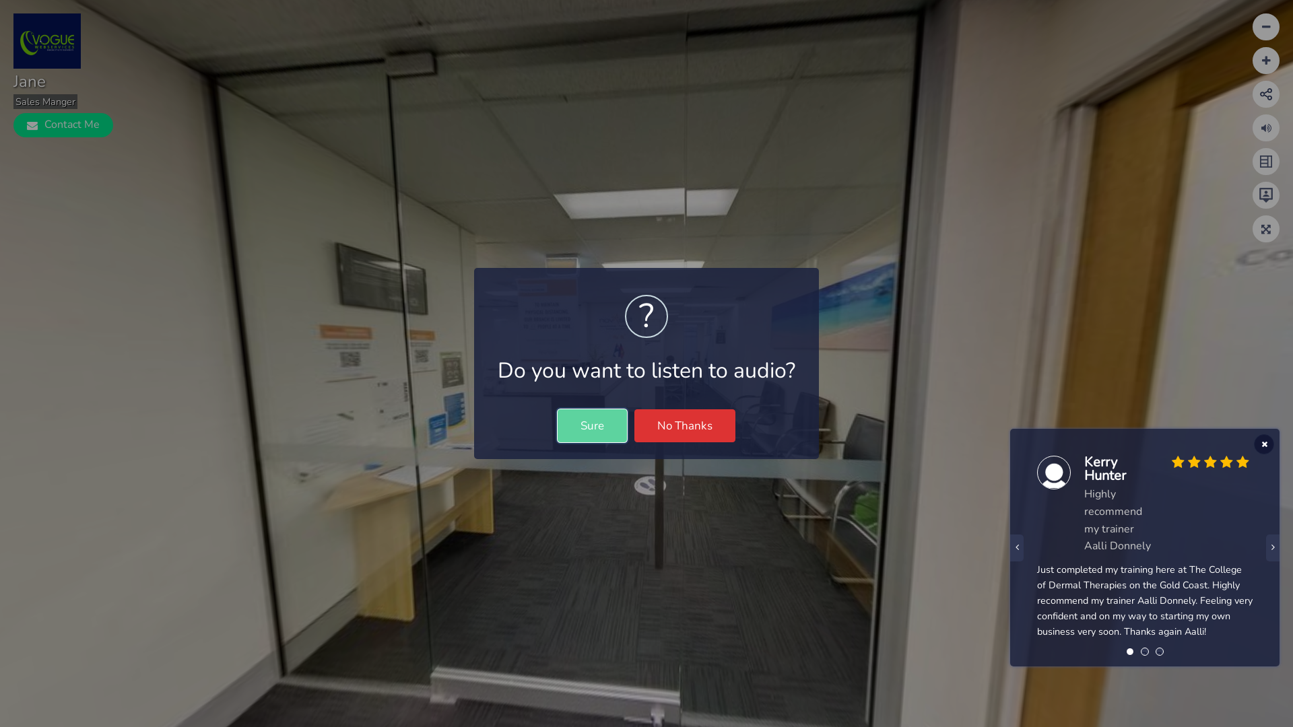  What do you see at coordinates (1265, 195) in the screenshot?
I see `'Live Chat'` at bounding box center [1265, 195].